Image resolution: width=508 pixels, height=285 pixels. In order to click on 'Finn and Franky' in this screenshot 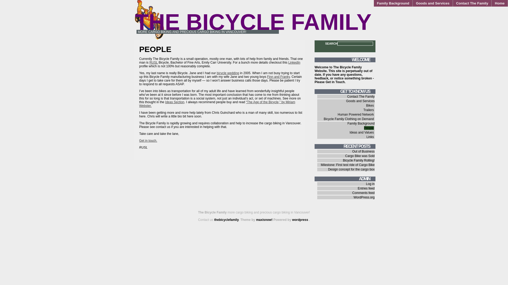, I will do `click(278, 77)`.